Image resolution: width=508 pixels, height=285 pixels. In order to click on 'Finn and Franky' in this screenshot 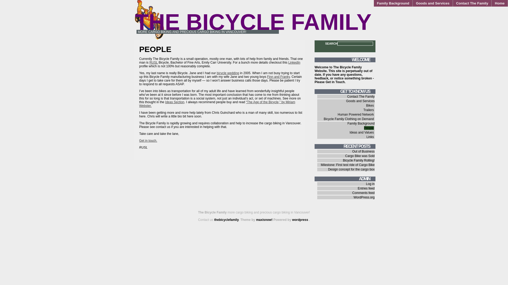, I will do `click(278, 77)`.